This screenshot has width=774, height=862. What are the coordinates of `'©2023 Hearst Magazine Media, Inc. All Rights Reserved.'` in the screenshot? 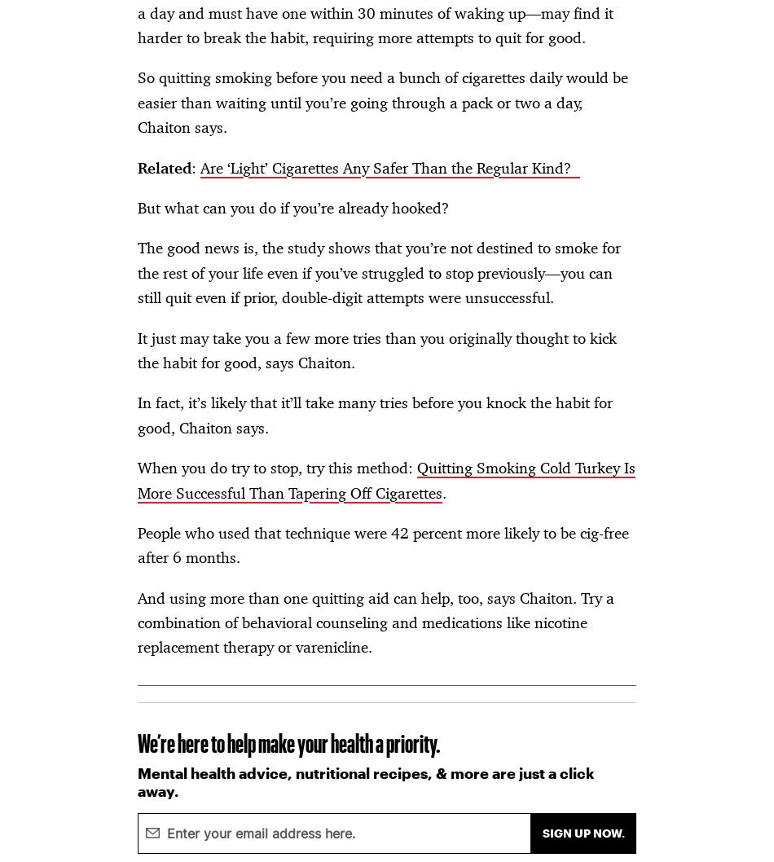 It's located at (32, 270).